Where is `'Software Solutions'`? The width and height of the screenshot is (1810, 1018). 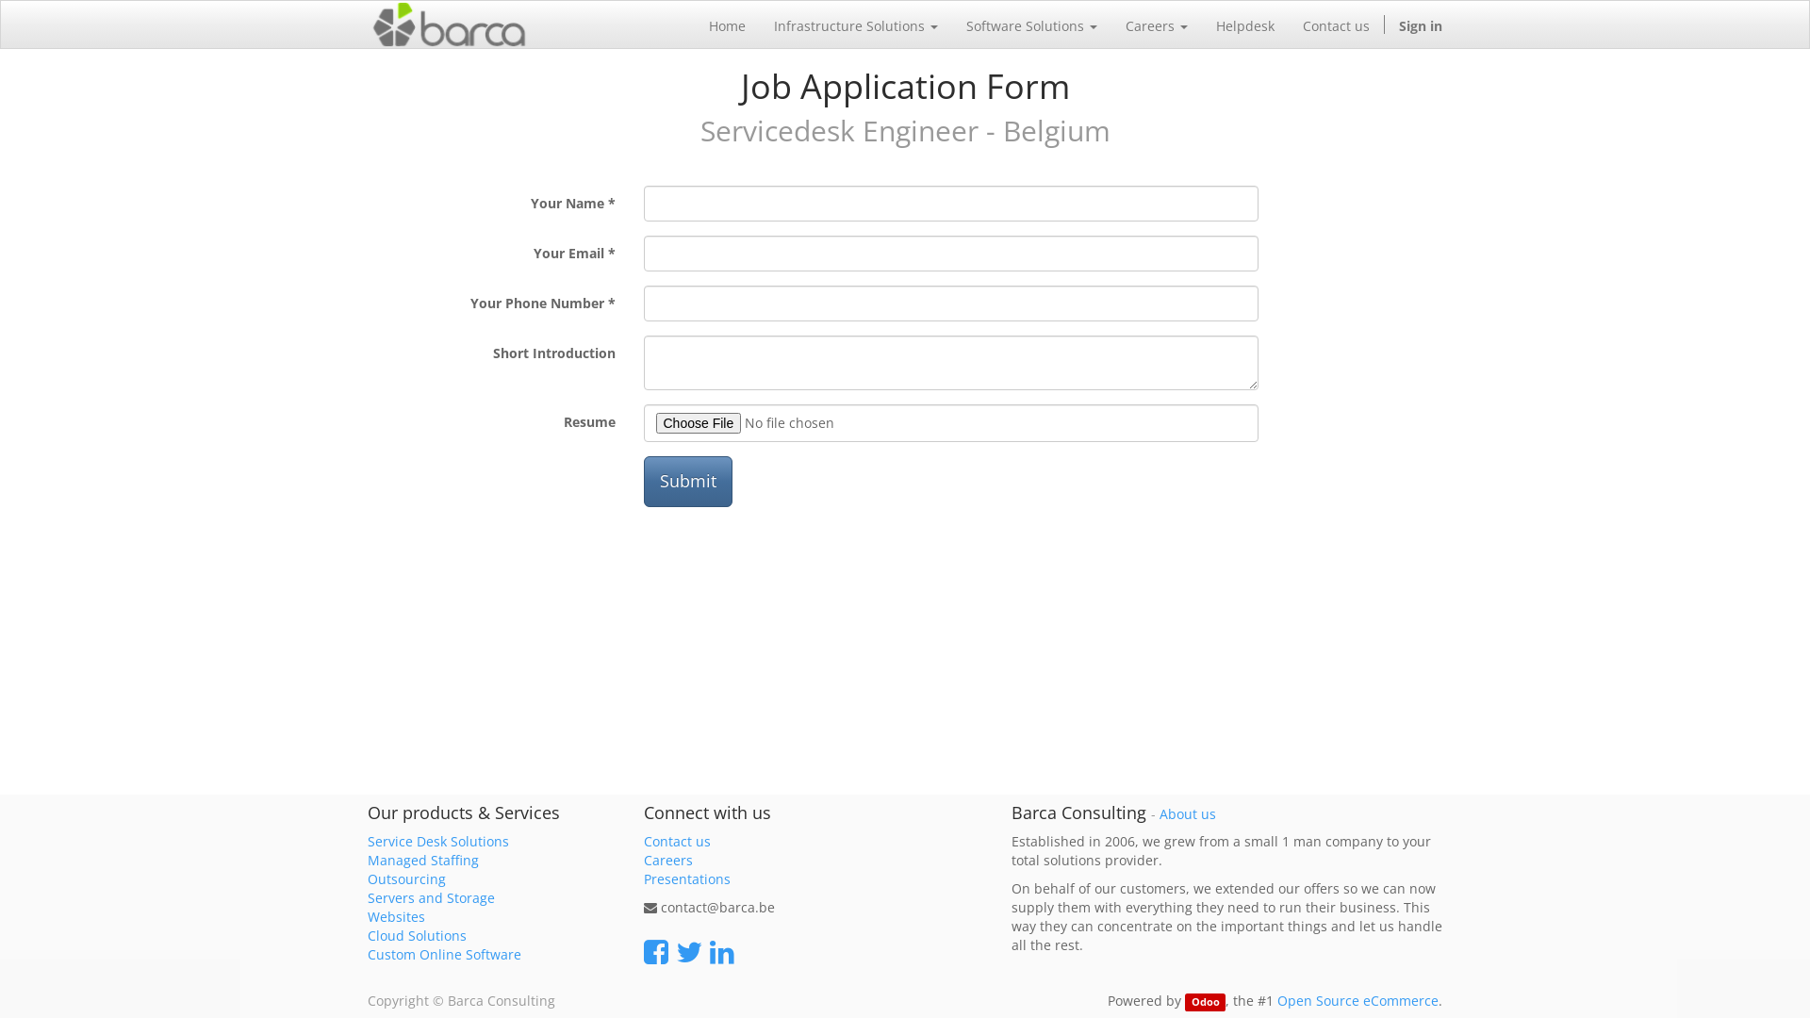 'Software Solutions' is located at coordinates (951, 25).